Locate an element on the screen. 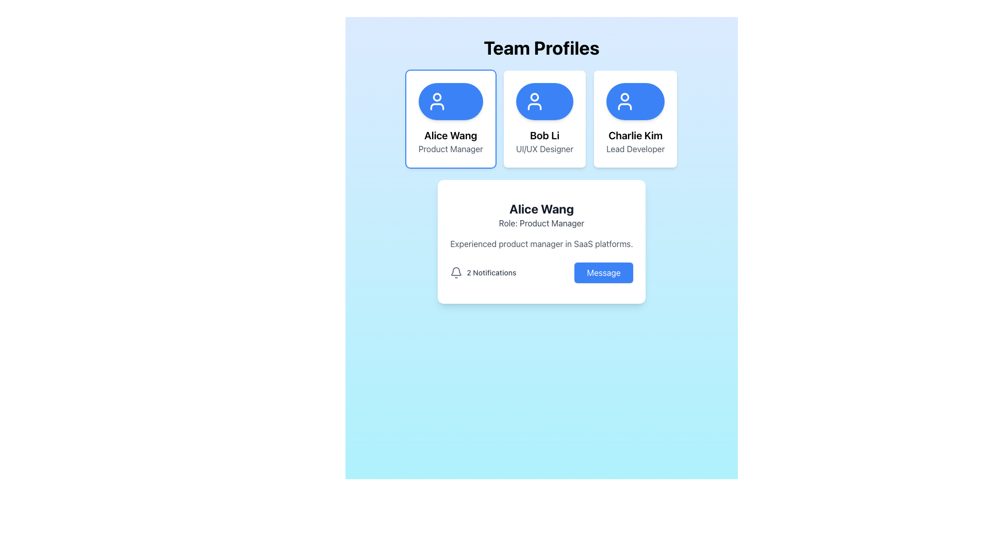  the Text Label that describes the role 'Lead Developer' for 'Charlie Kim', located beneath the name within the profile card is located at coordinates (635, 149).